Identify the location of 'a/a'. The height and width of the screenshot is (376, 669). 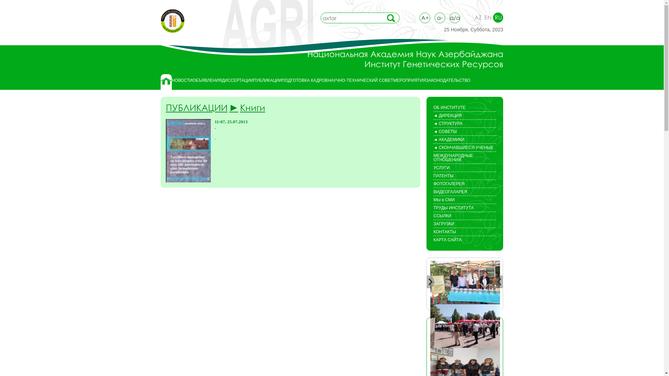
(455, 17).